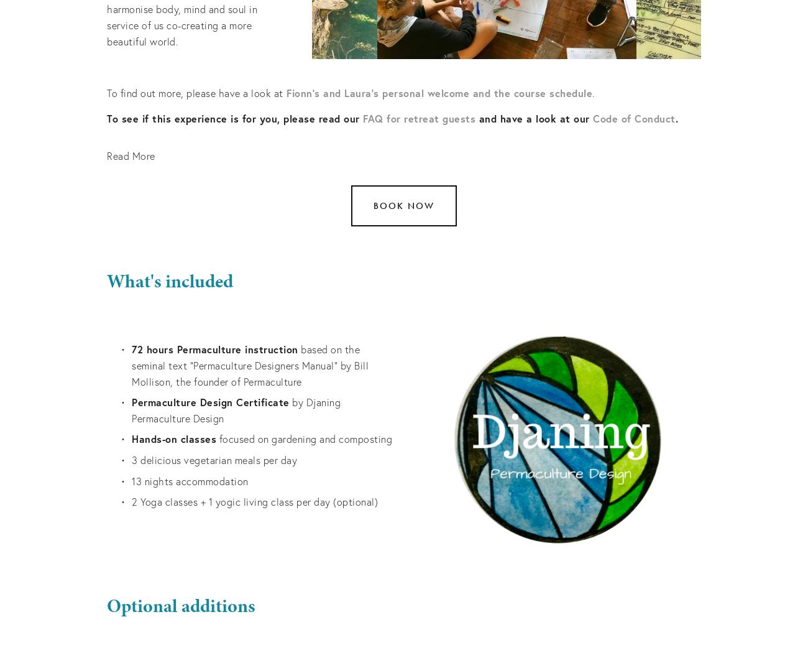 Image resolution: width=808 pixels, height=650 pixels. Describe the element at coordinates (237, 409) in the screenshot. I see `'by Djaning Permaculture Design'` at that location.